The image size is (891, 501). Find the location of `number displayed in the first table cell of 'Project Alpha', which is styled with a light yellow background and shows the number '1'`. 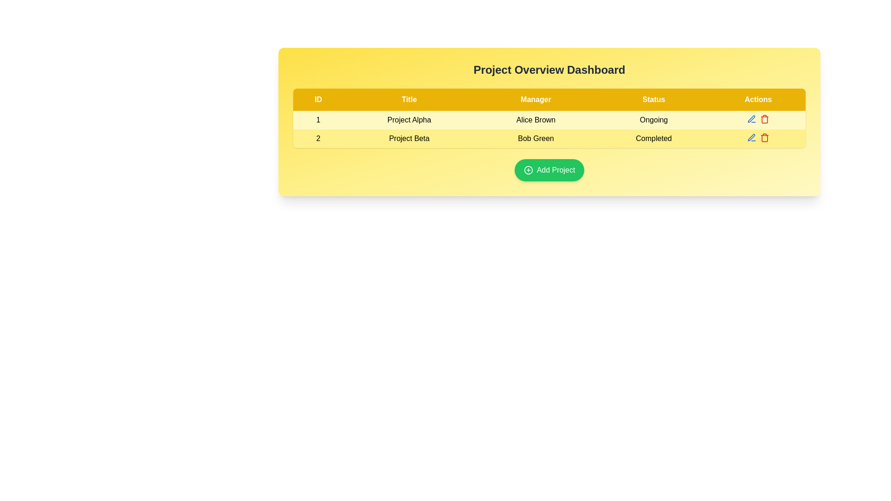

number displayed in the first table cell of 'Project Alpha', which is styled with a light yellow background and shows the number '1' is located at coordinates (318, 119).